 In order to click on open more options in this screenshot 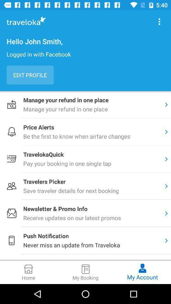, I will do `click(159, 22)`.